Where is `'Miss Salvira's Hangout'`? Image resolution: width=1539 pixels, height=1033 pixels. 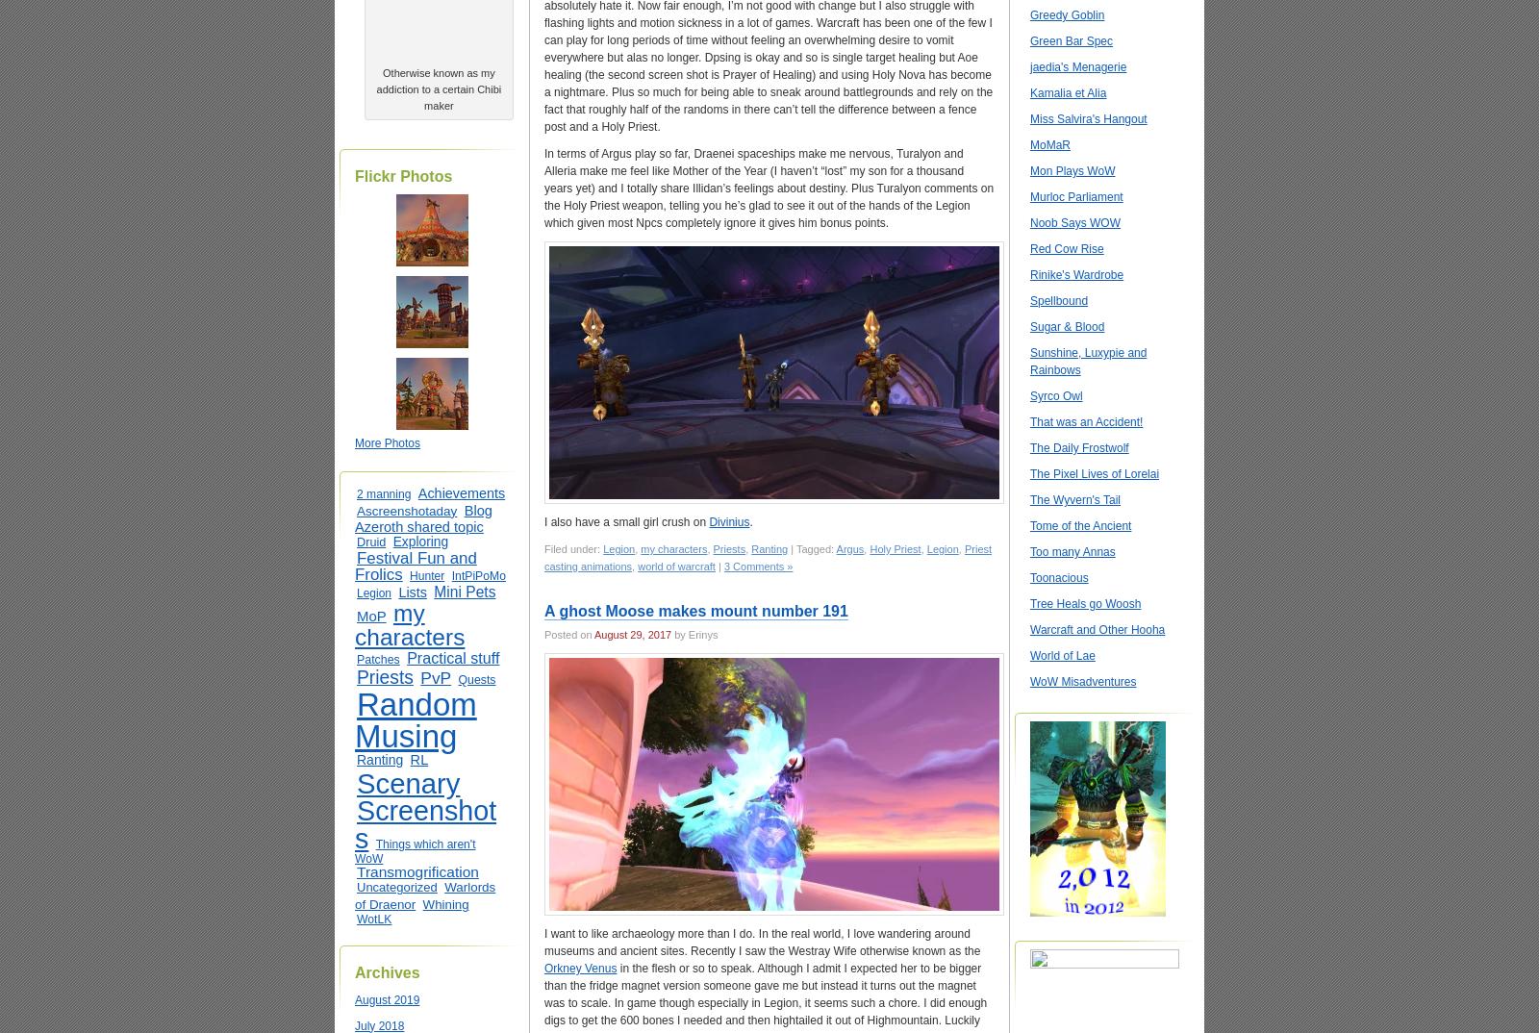
'Miss Salvira's Hangout' is located at coordinates (1088, 118).